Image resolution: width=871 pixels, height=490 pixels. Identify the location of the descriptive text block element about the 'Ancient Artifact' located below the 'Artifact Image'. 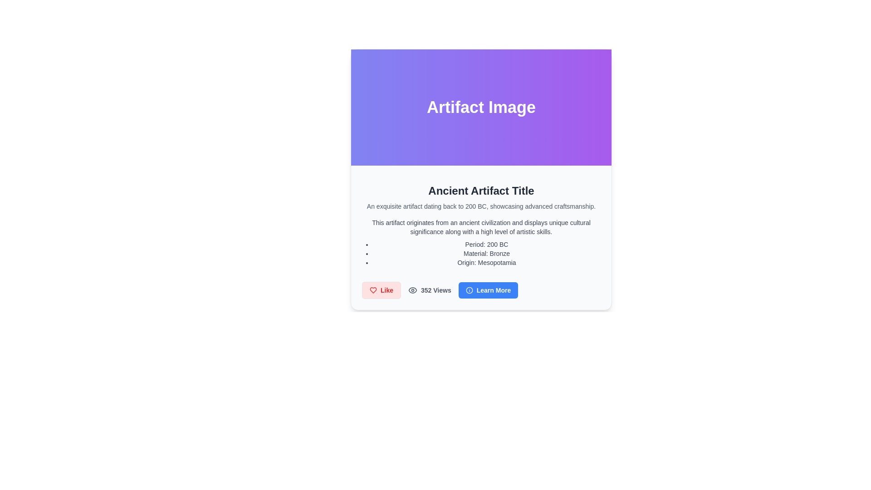
(480, 237).